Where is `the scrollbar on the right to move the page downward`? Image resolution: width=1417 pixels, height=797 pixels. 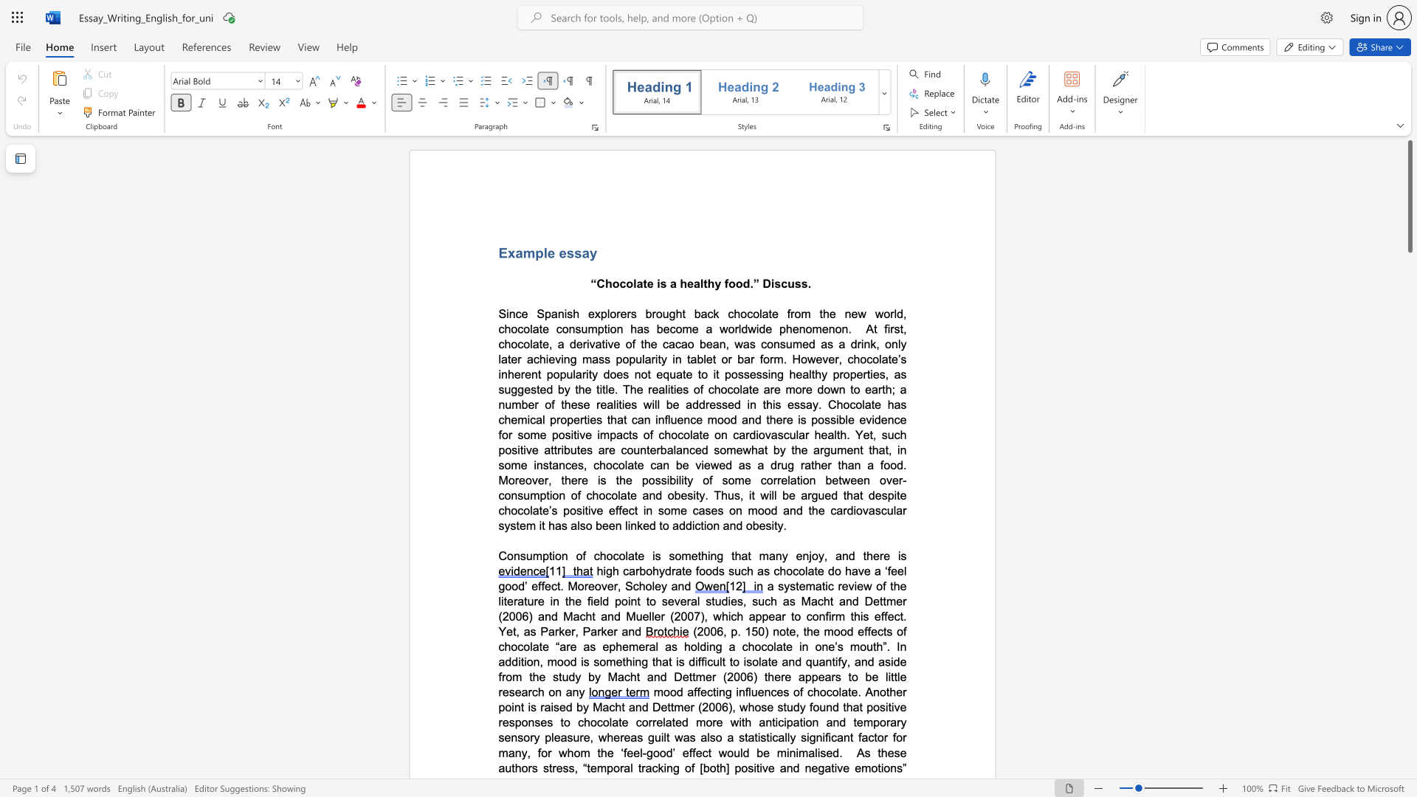 the scrollbar on the right to move the page downward is located at coordinates (1409, 368).